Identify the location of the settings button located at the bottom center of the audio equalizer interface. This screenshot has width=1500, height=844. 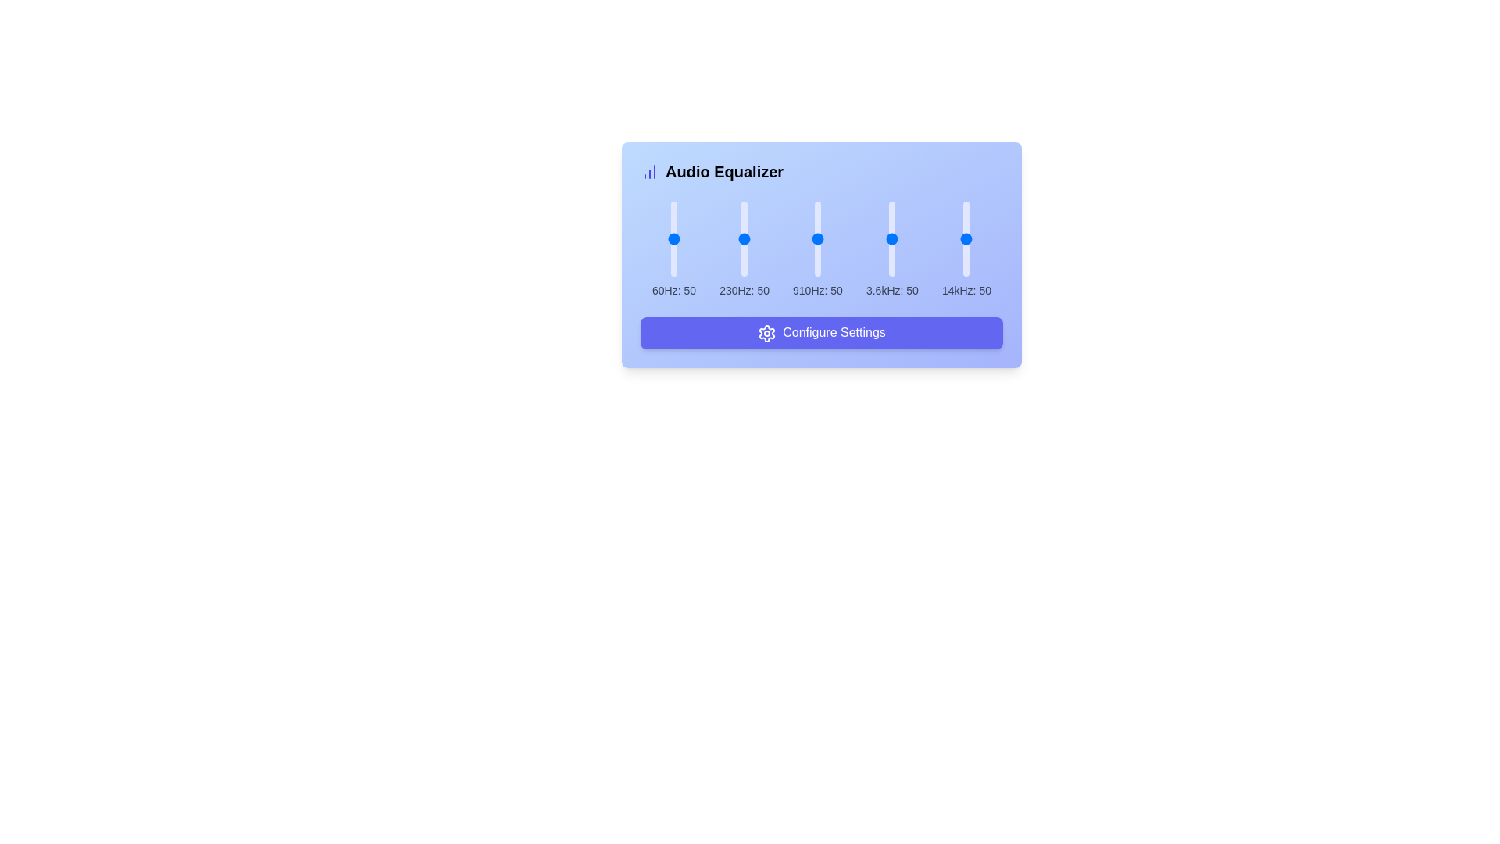
(820, 331).